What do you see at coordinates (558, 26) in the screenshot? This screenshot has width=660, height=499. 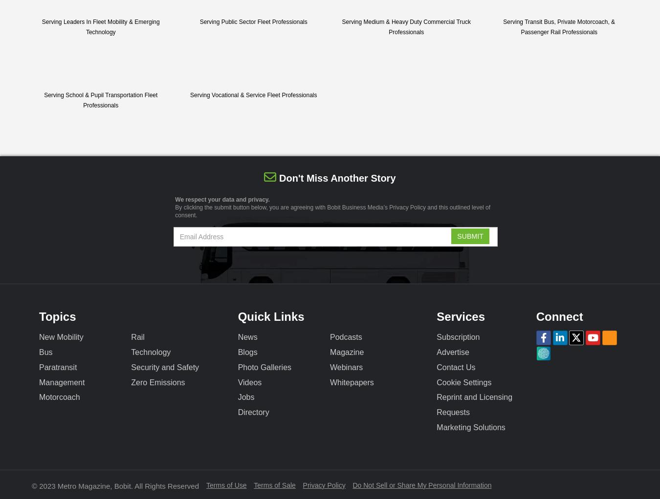 I see `'Serving Transit Bus, Private Motorcoach, & Passenger Rail Professionals'` at bounding box center [558, 26].